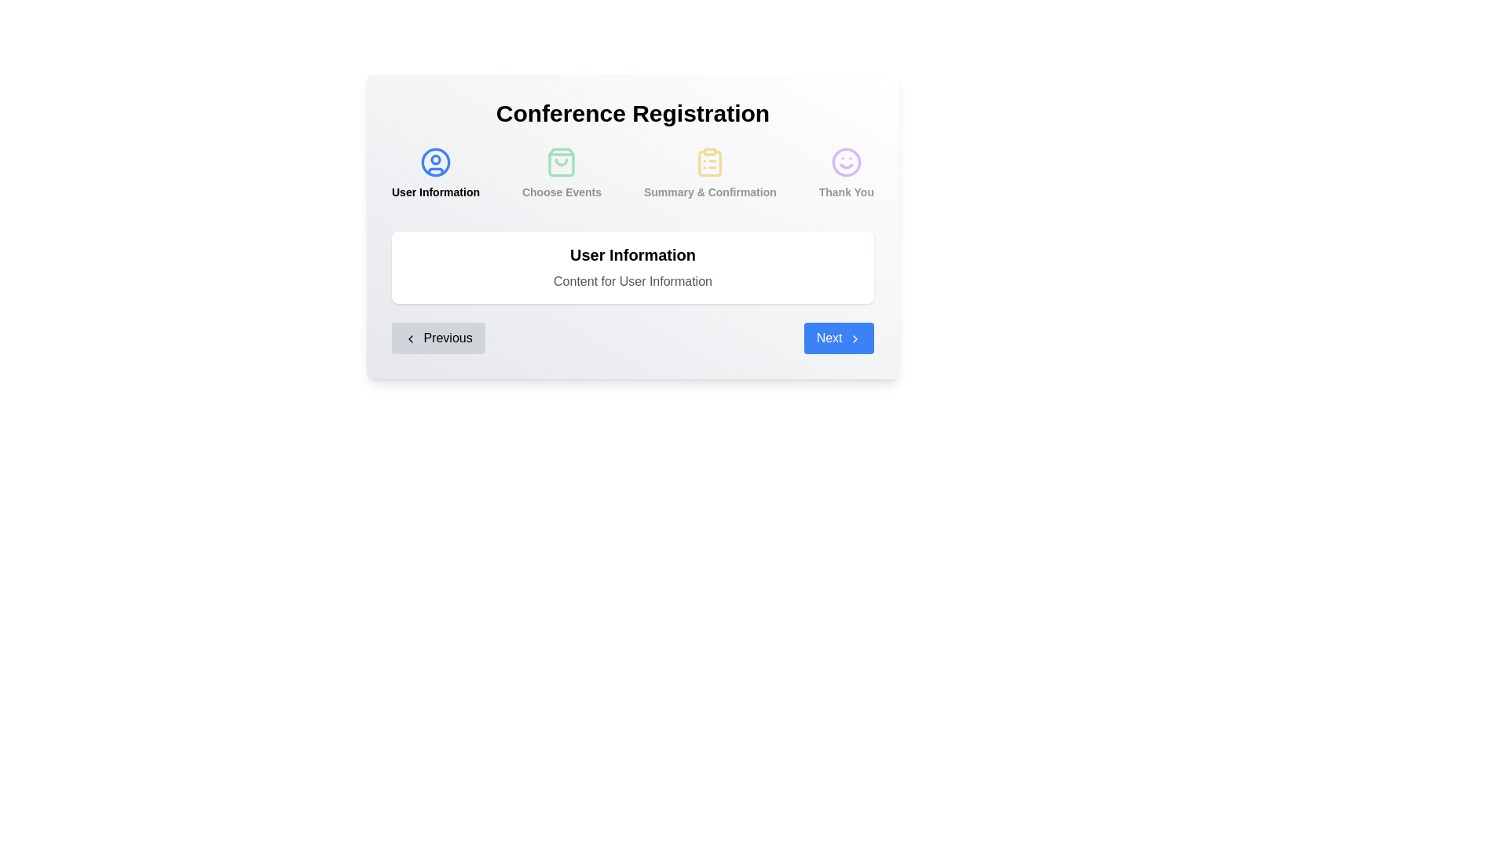  Describe the element at coordinates (436, 163) in the screenshot. I see `the circular user icon outlined in blue, located to the upper left of the 'User Information' text header in the step sequence` at that location.